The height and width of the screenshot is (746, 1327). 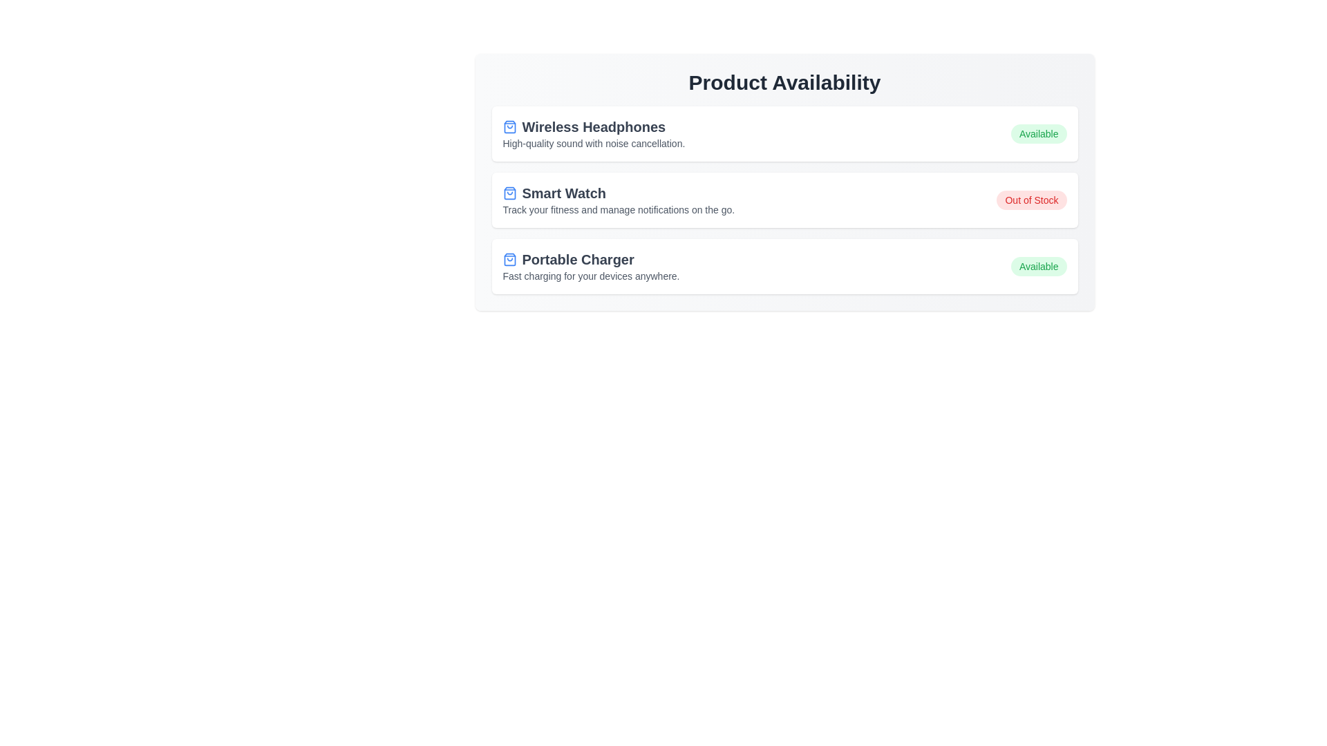 What do you see at coordinates (784, 200) in the screenshot?
I see `the product Smart Watch to reveal additional options` at bounding box center [784, 200].